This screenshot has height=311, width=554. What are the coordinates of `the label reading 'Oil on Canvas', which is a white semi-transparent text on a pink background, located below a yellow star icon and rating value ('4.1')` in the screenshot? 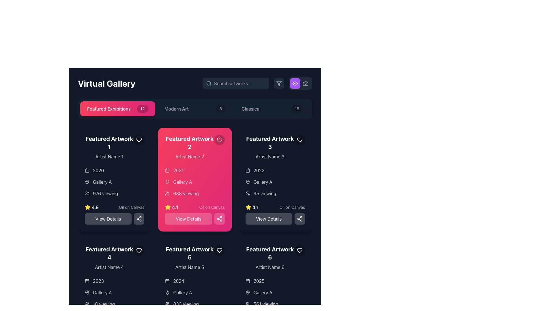 It's located at (212, 207).